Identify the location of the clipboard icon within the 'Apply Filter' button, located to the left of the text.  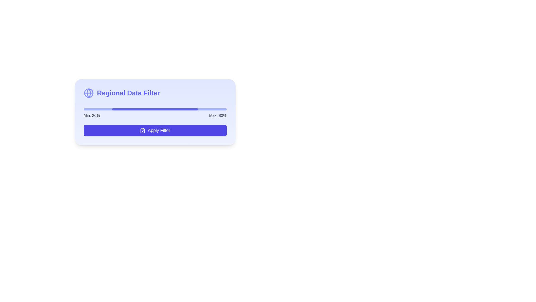
(143, 131).